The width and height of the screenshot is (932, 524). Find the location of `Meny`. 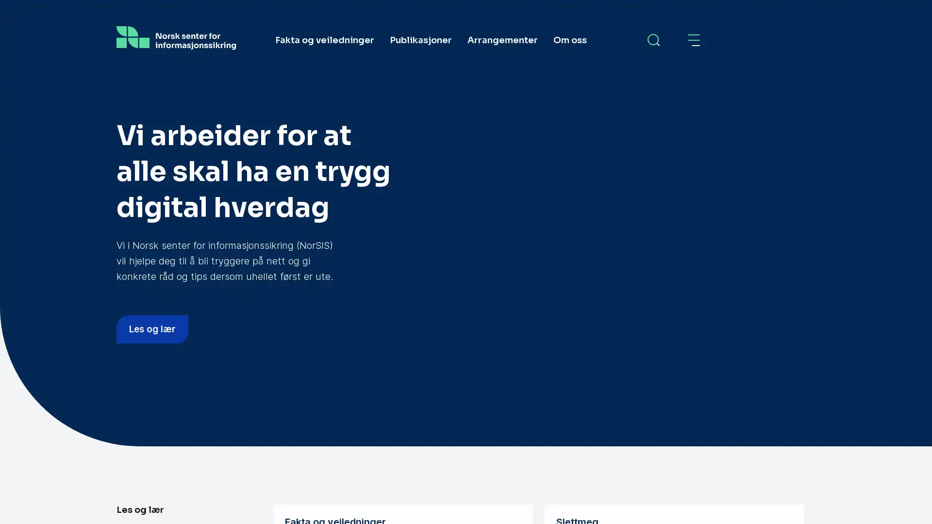

Meny is located at coordinates (694, 40).